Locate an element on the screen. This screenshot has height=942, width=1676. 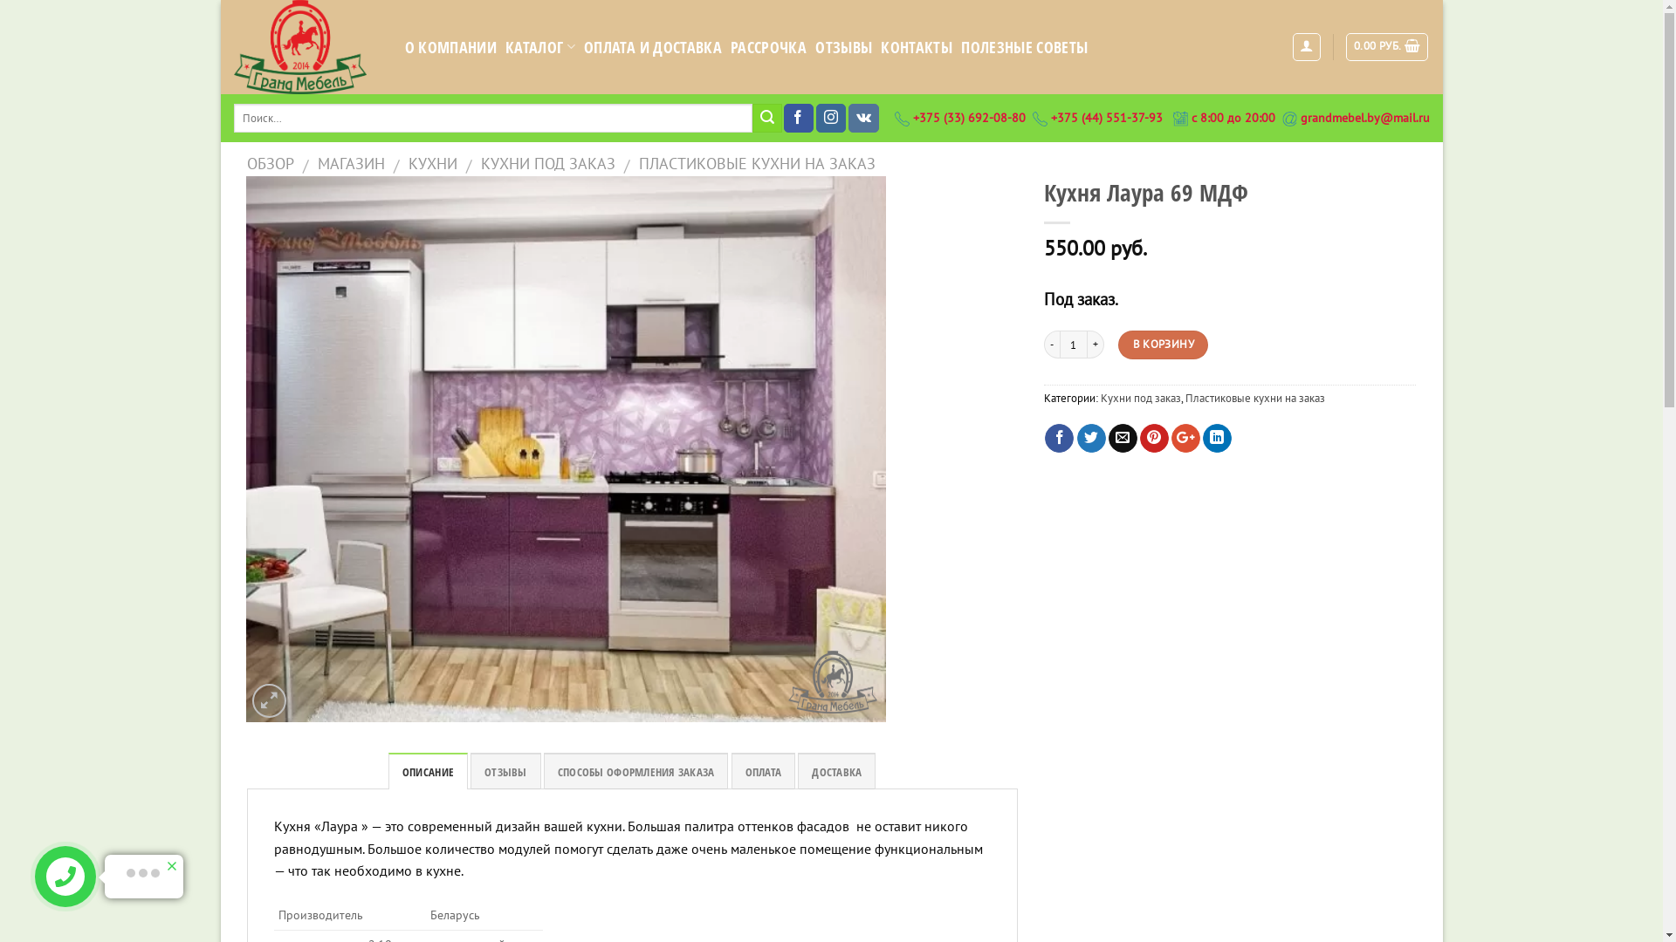
'grandmebel.by@mail.ru' is located at coordinates (1364, 118).